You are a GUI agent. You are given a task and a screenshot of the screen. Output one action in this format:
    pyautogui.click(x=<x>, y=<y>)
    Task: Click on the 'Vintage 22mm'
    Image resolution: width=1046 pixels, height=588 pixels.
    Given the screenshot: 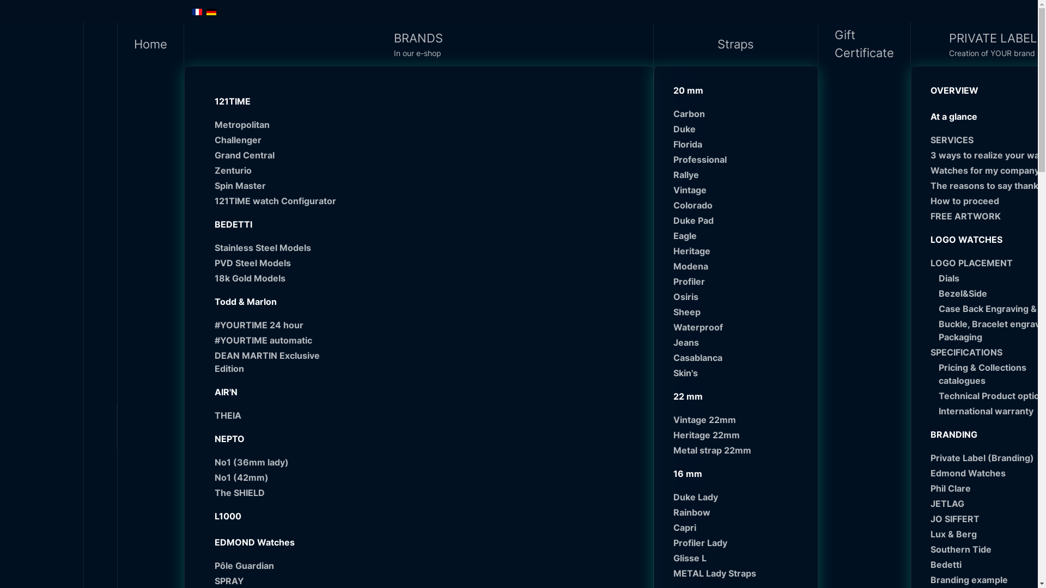 What is the action you would take?
    pyautogui.click(x=673, y=419)
    